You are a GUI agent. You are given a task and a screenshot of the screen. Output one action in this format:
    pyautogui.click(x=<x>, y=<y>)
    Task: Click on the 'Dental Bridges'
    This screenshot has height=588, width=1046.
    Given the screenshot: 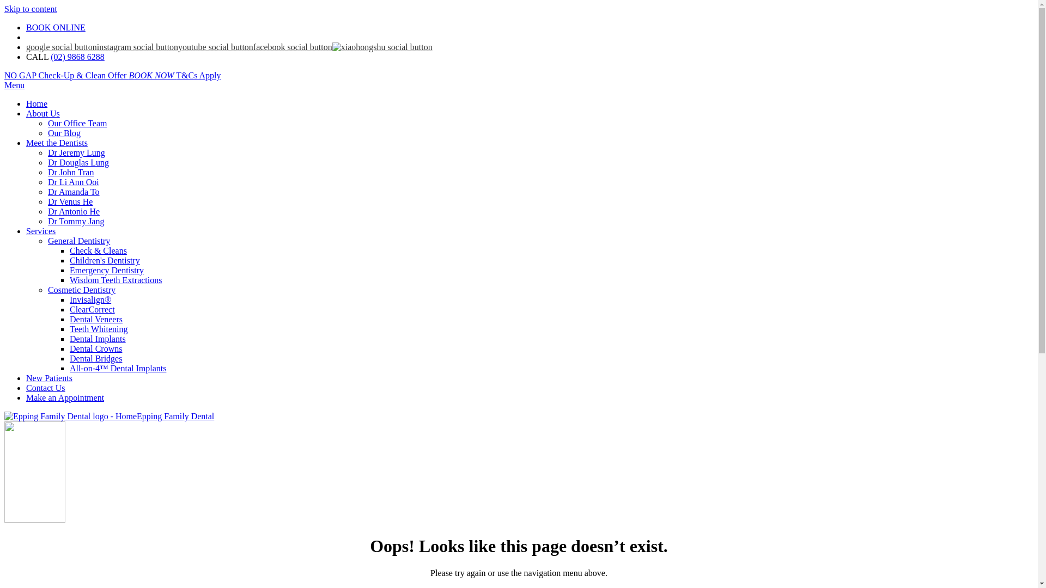 What is the action you would take?
    pyautogui.click(x=96, y=358)
    